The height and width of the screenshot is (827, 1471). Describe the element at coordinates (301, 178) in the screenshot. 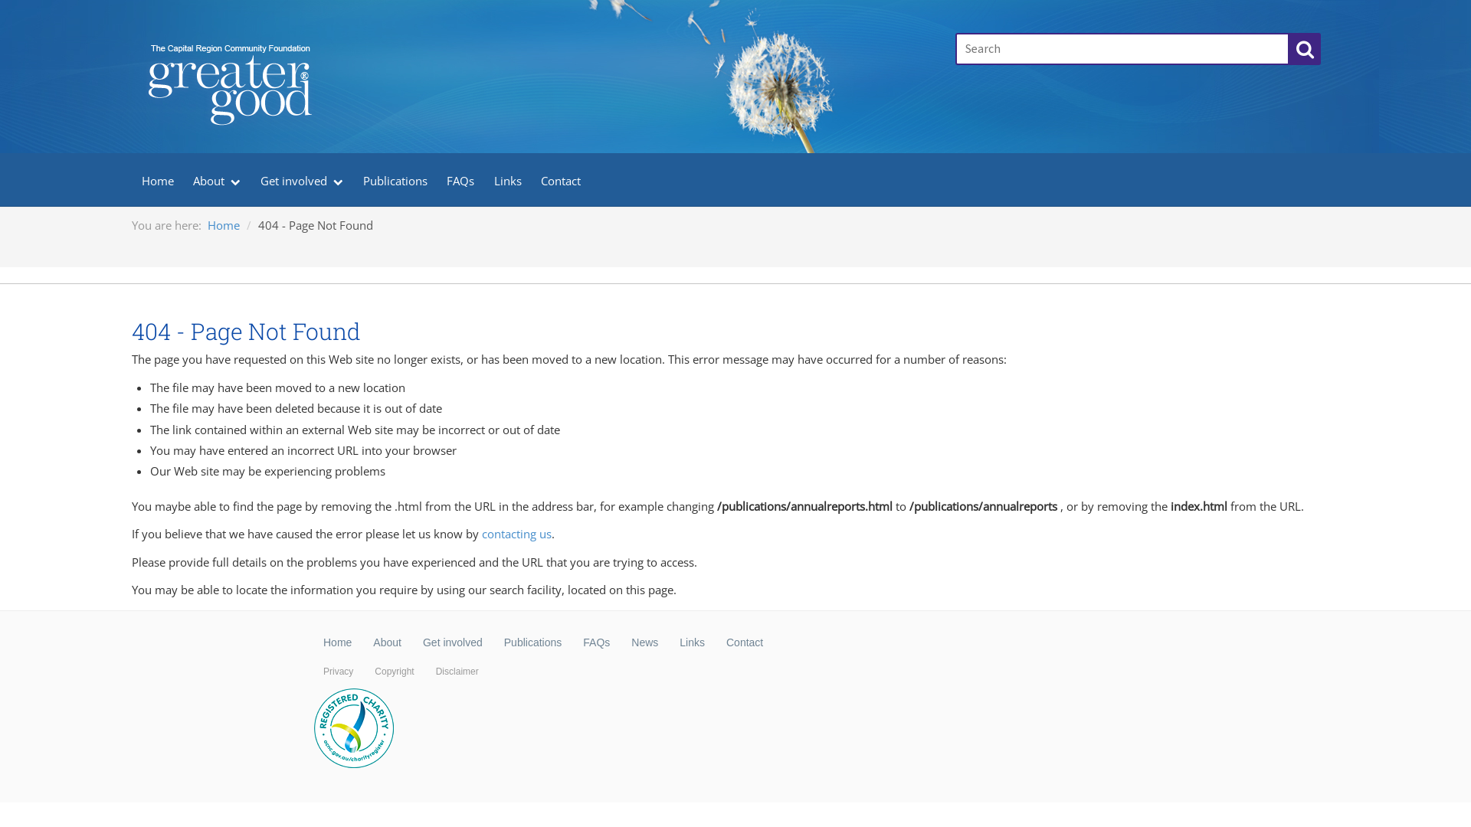

I see `'Get involved'` at that location.